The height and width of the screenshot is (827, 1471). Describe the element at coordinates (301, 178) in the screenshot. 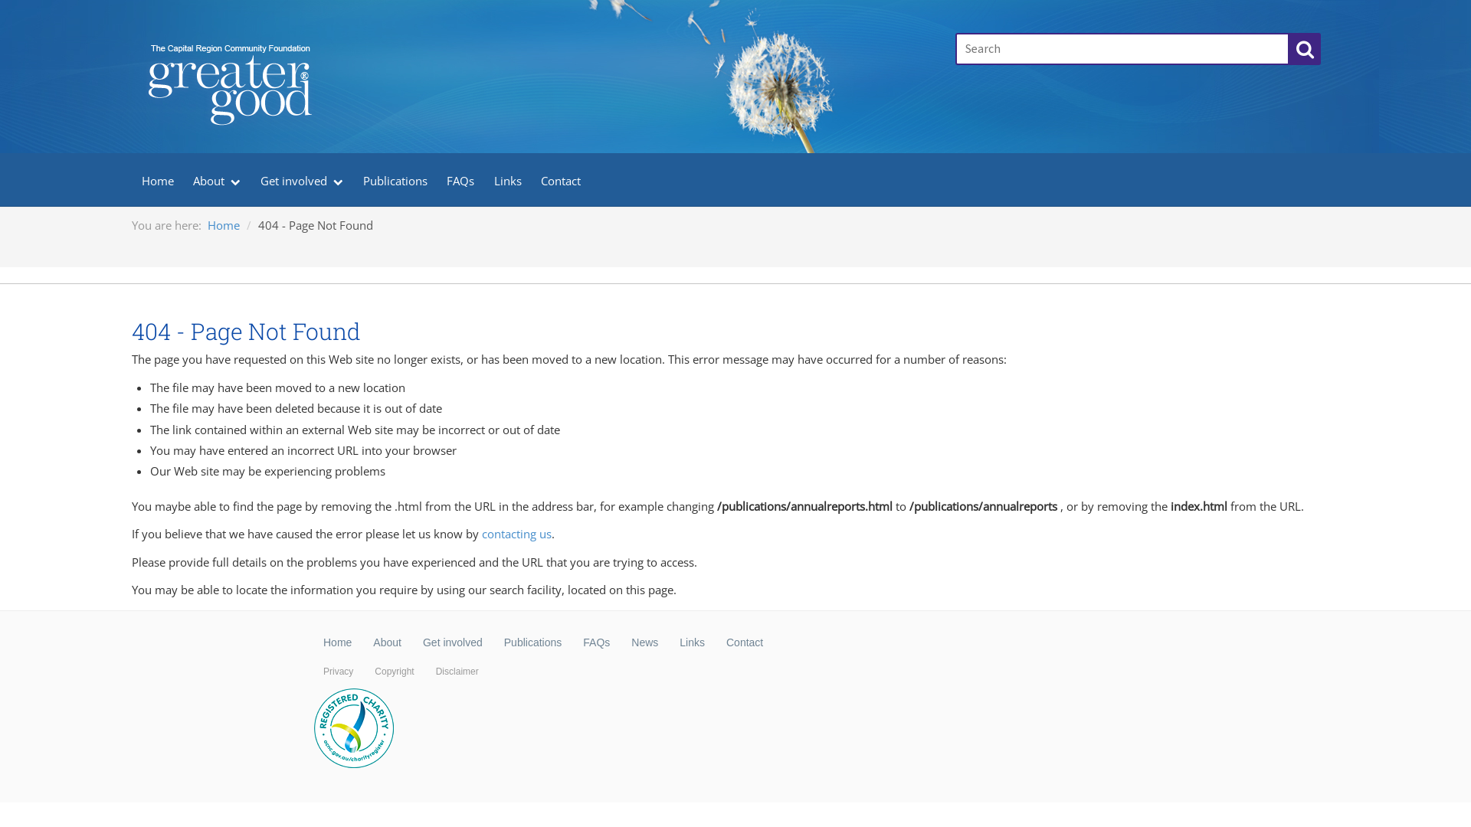

I see `'Get involved'` at that location.